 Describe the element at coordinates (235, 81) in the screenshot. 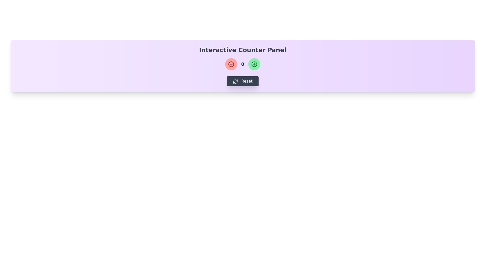

I see `the refresh icon located to the left of the 'Reset' text within the dark-styled 'Reset' button` at that location.